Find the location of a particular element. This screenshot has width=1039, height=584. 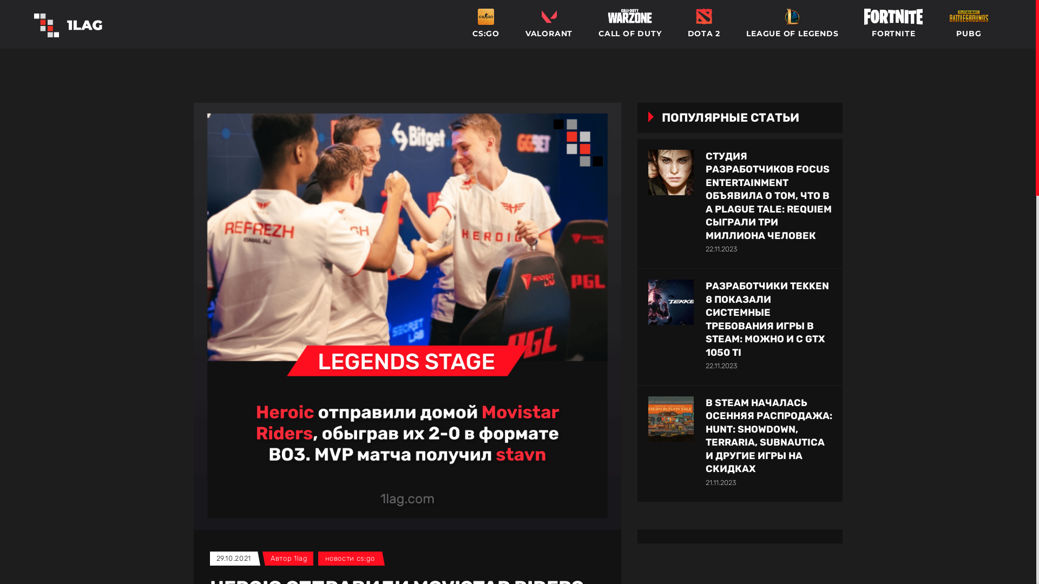

'DOTA 2' is located at coordinates (703, 24).